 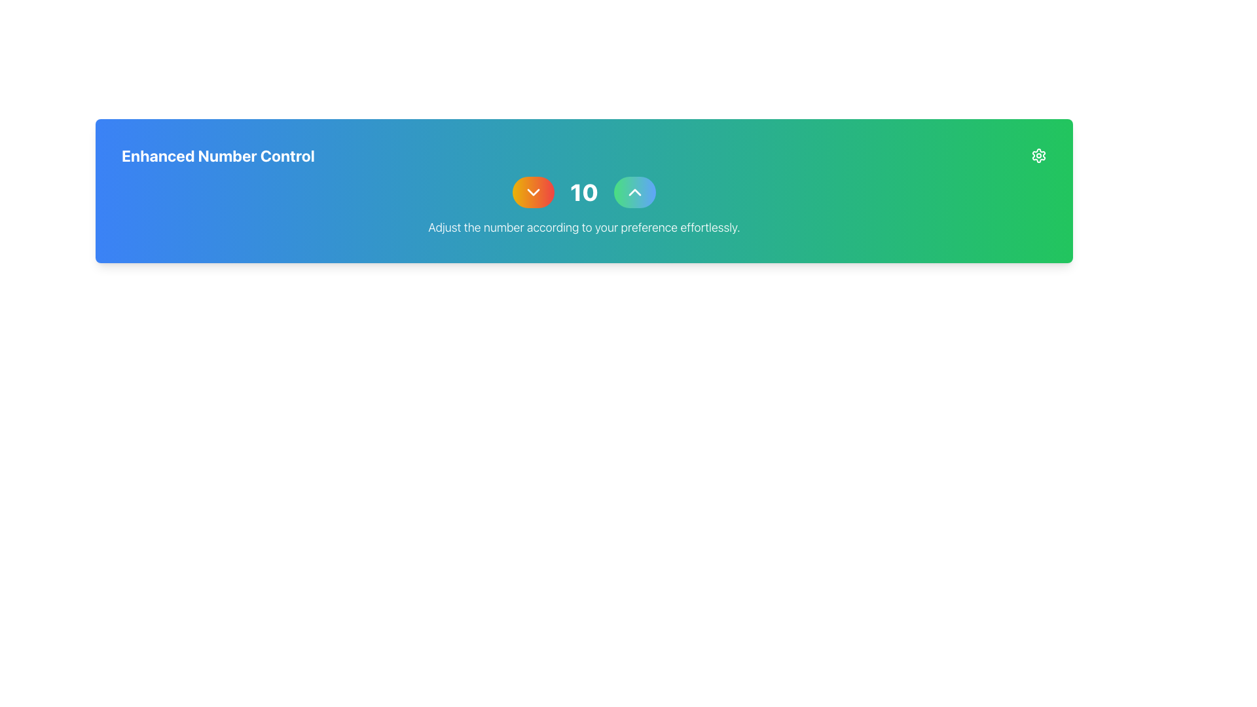 I want to click on the upward-pointing chevron icon styled in a white outline with rounded ends, located in the top right corner of the interface, to interact, so click(x=634, y=192).